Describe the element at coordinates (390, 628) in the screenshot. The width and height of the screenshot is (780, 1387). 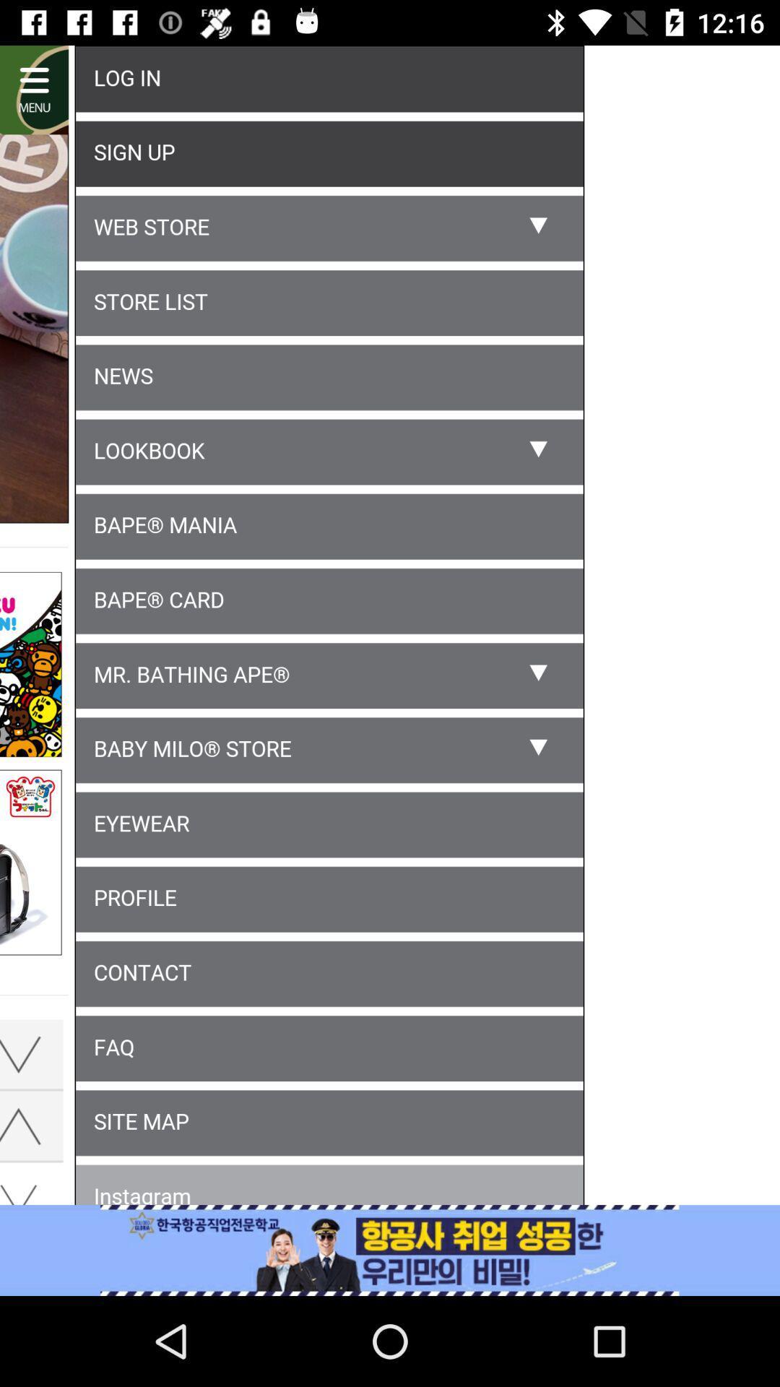
I see `menu` at that location.